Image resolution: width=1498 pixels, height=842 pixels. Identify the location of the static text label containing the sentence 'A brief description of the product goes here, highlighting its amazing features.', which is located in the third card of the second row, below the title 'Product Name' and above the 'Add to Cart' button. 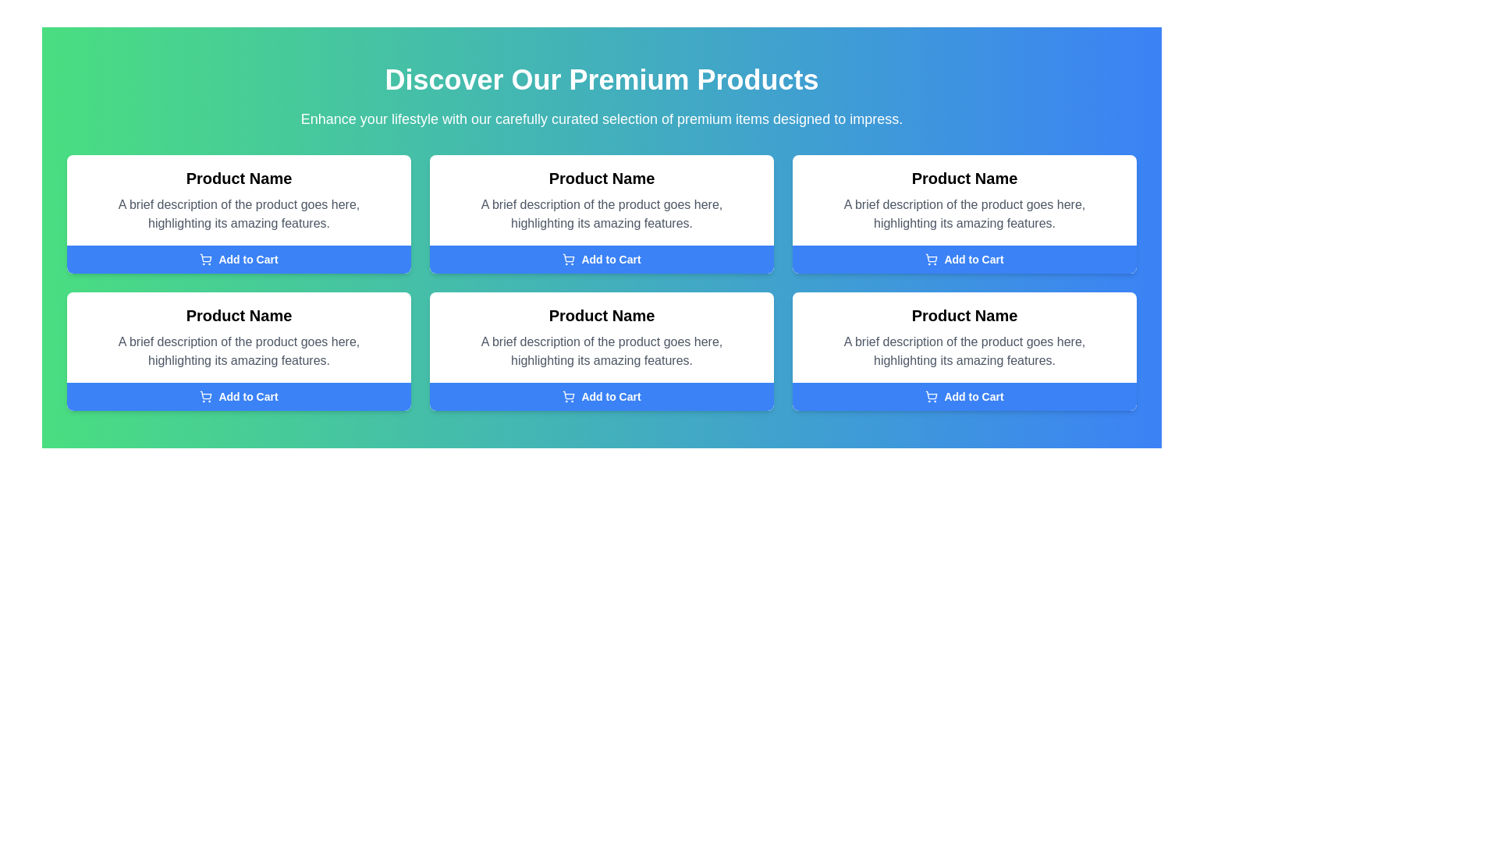
(964, 352).